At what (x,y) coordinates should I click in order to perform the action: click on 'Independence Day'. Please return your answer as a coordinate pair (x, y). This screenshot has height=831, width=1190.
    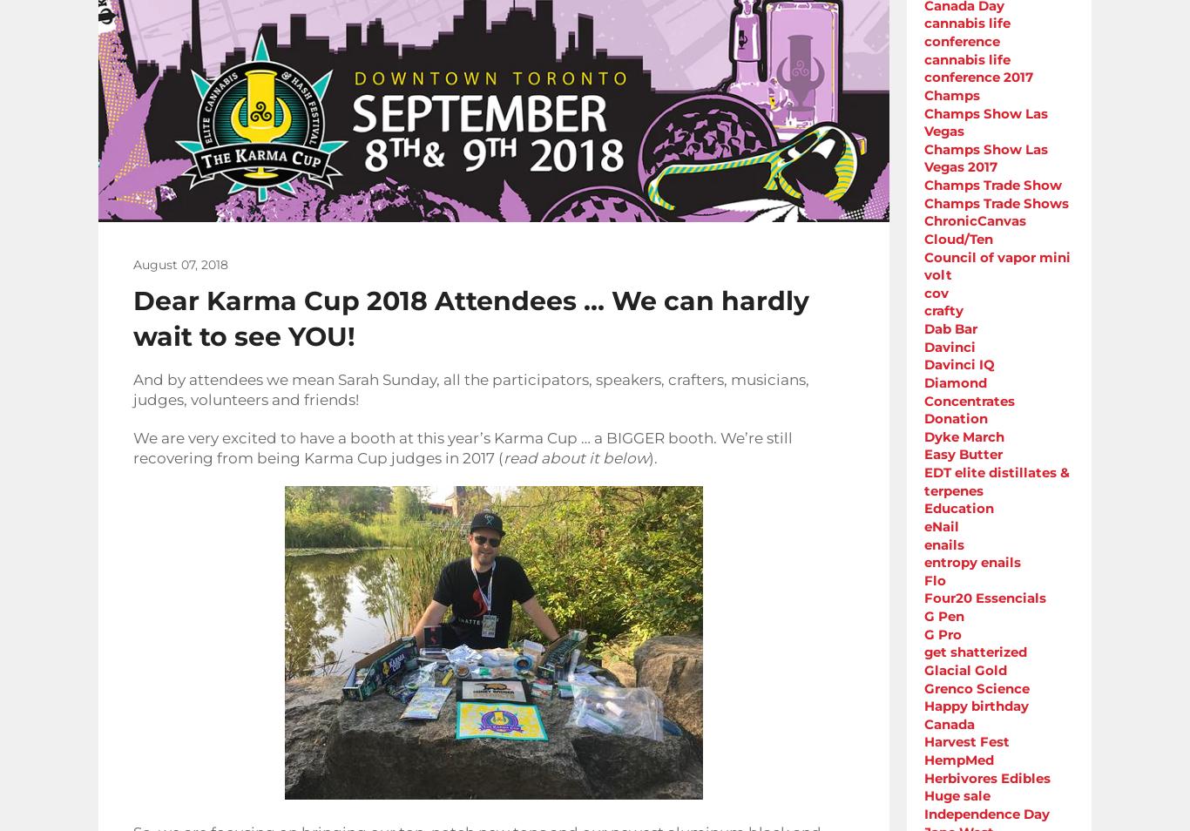
    Looking at the image, I should click on (985, 813).